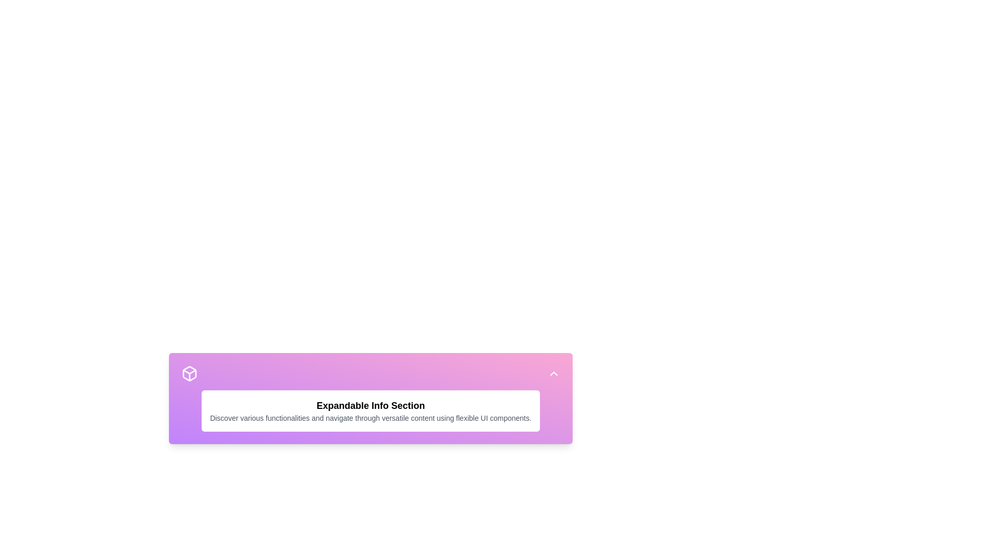 This screenshot has width=995, height=559. What do you see at coordinates (189, 373) in the screenshot?
I see `the 3D box icon located in the top-left corner of the purple gradient-filled section of the expandable information card` at bounding box center [189, 373].